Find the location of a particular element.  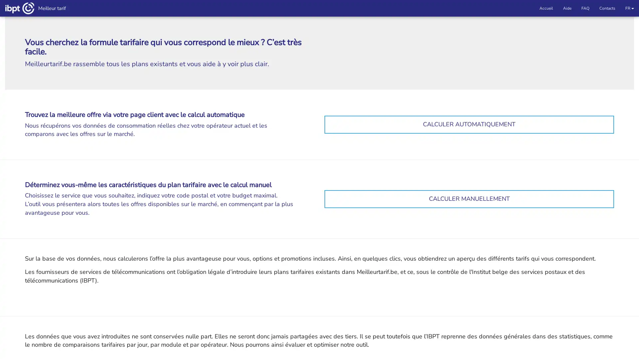

CALCULER AUTOMATIQUEMENT is located at coordinates (469, 124).